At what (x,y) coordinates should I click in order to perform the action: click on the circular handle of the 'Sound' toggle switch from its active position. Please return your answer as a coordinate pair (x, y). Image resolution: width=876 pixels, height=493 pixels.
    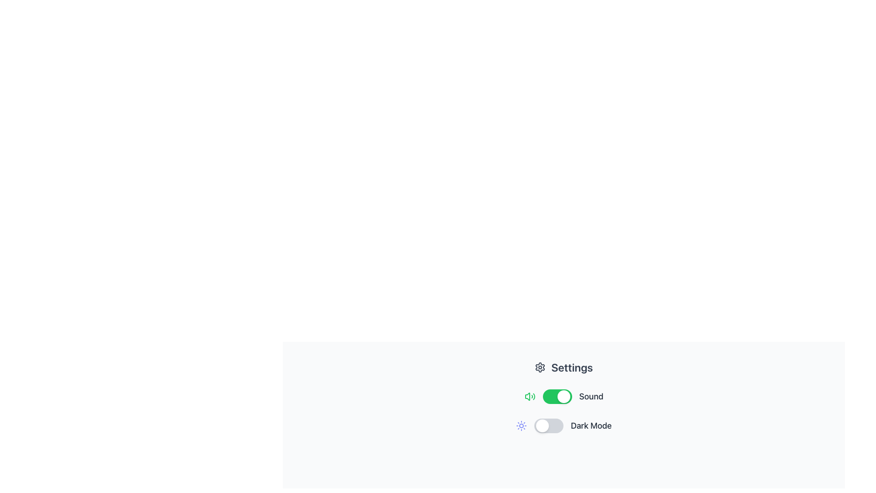
    Looking at the image, I should click on (563, 396).